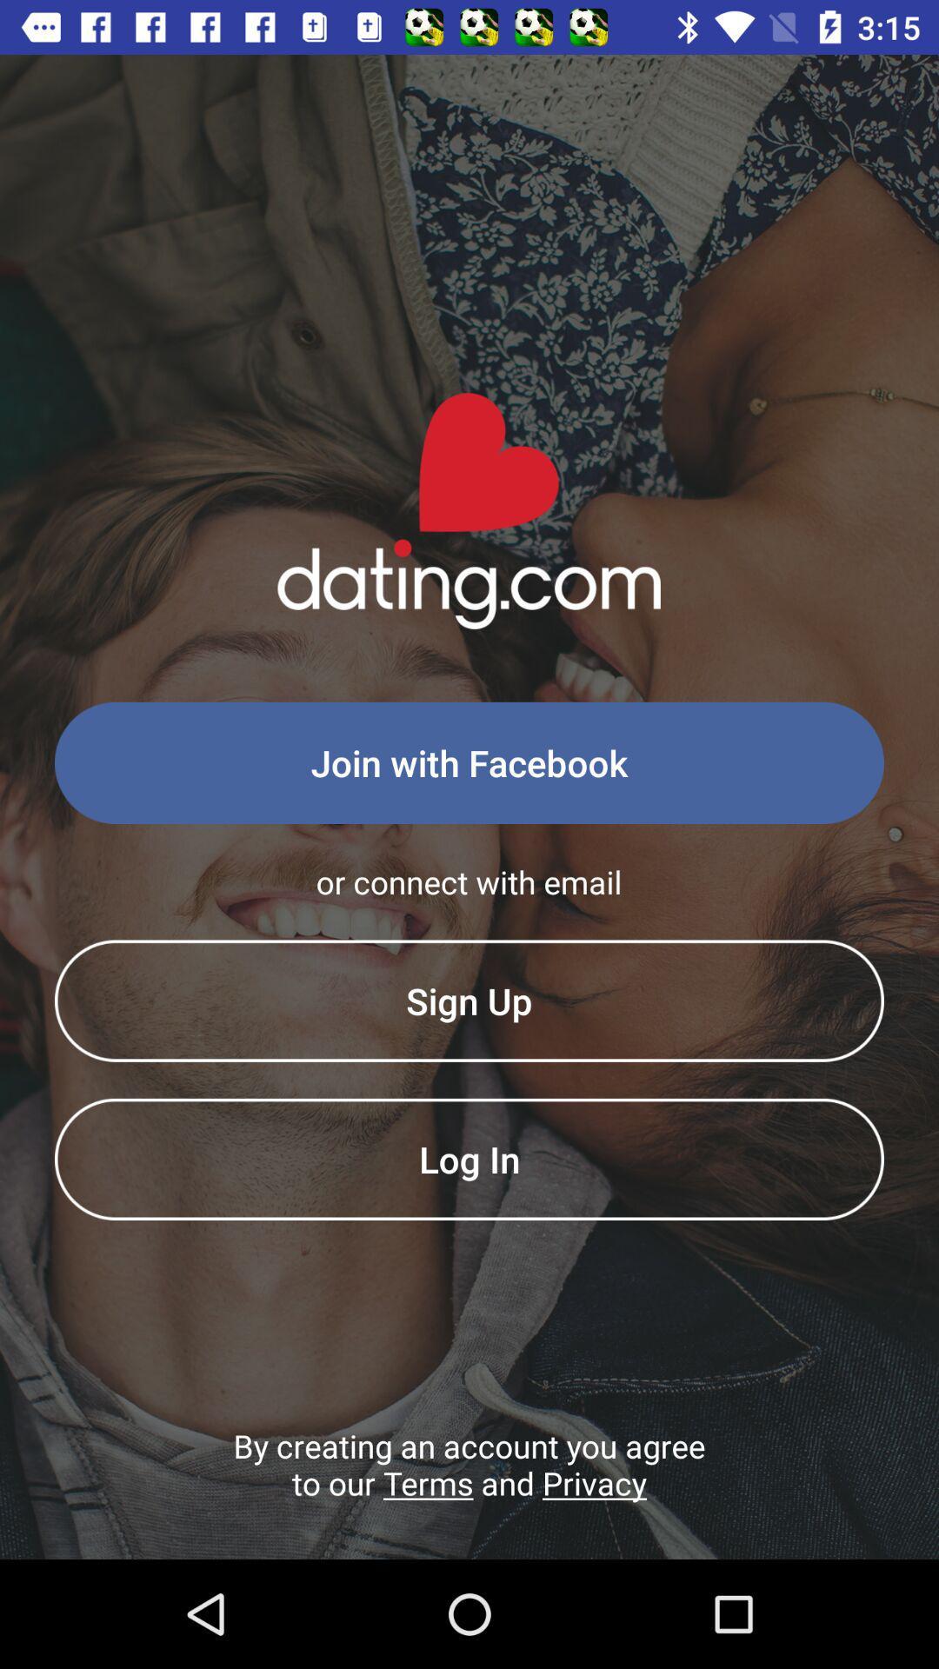  I want to click on by creating an item, so click(469, 1491).